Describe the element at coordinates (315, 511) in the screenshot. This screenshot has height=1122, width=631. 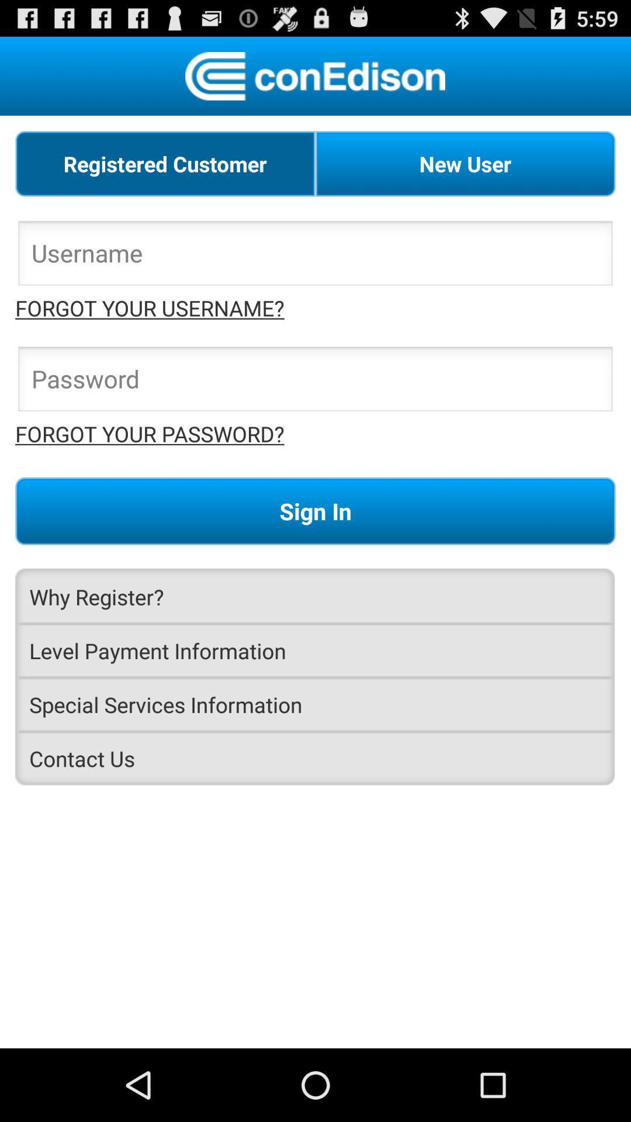
I see `the sign in item` at that location.